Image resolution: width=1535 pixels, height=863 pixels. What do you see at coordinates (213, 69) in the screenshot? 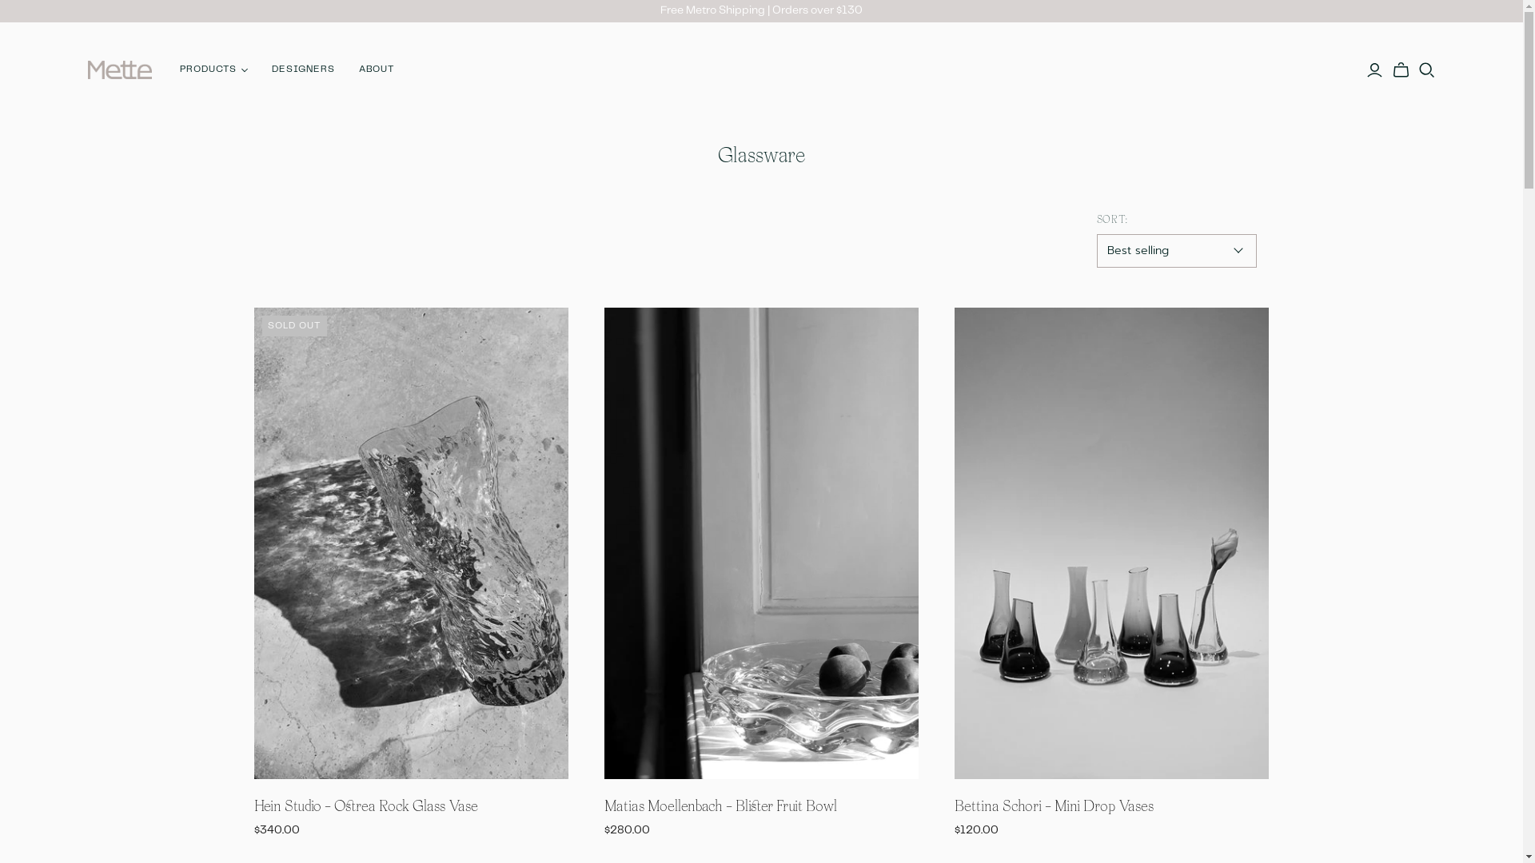
I see `'PRODUCTS'` at bounding box center [213, 69].